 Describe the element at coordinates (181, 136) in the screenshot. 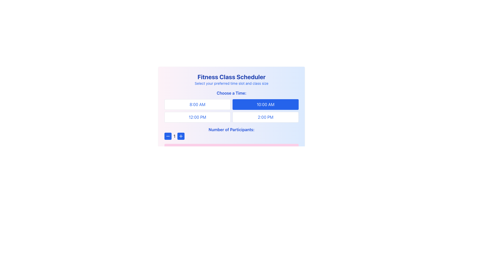

I see `the blue rectangular button with a white plus icon to increment the participant count` at that location.